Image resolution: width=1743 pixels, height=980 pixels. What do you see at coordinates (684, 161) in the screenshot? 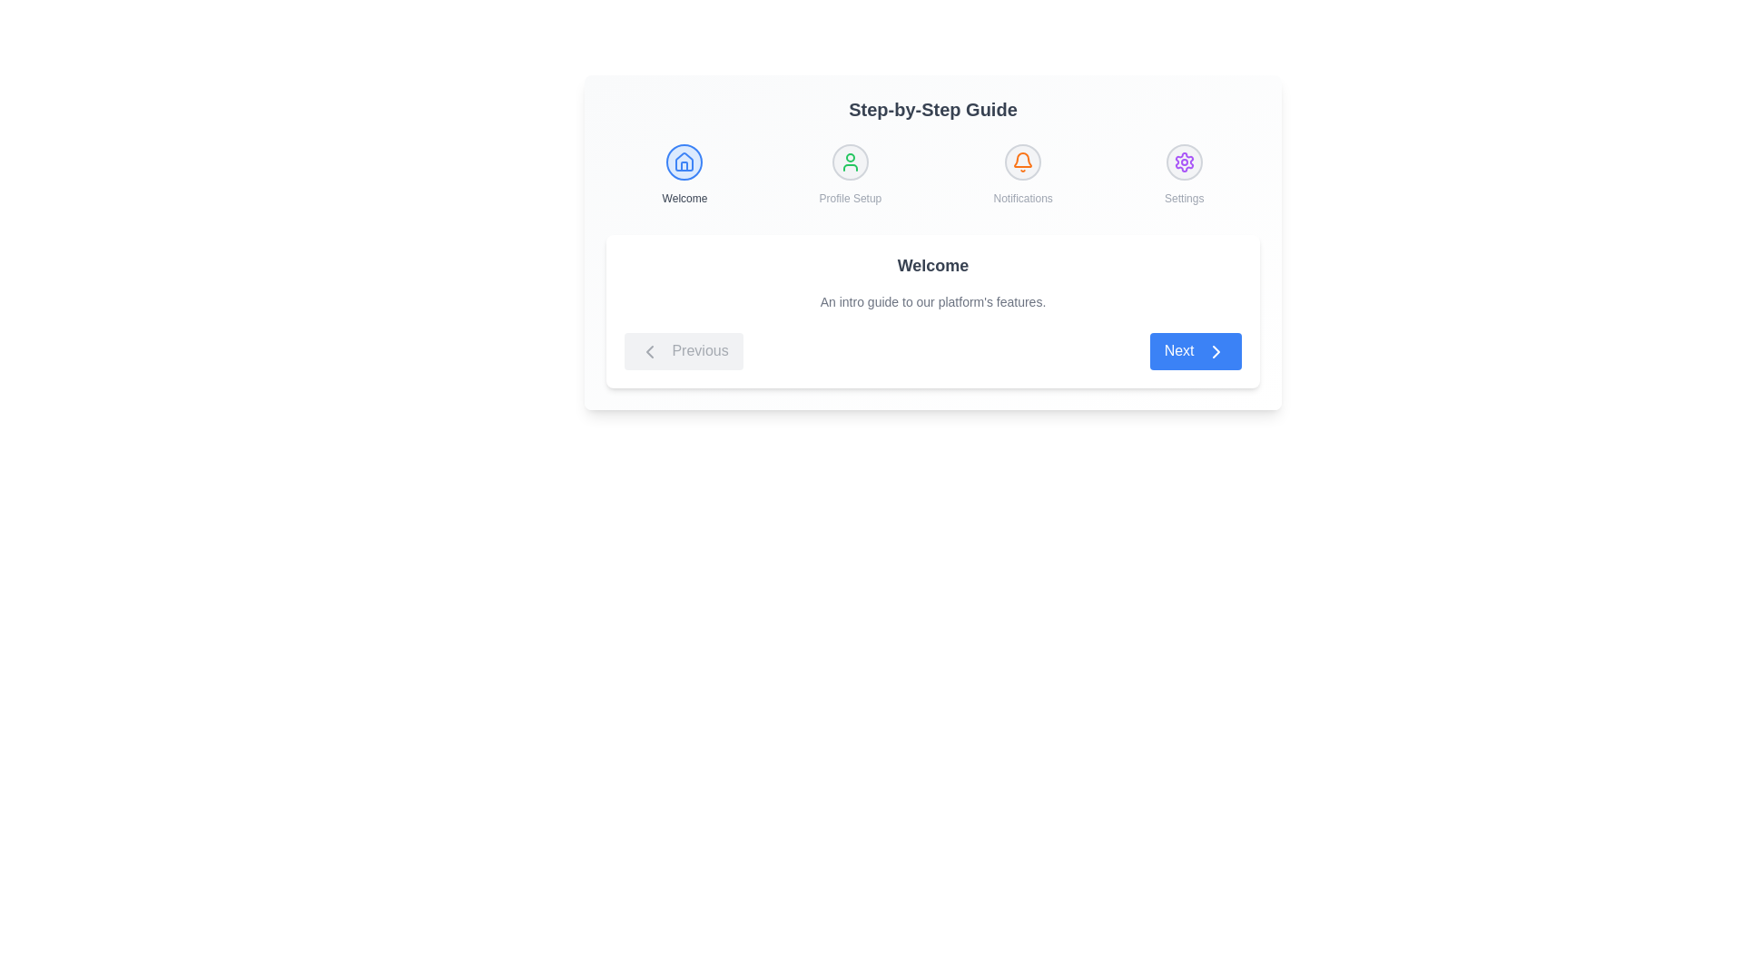
I see `the 'Home' icon located at the top left of the interface` at bounding box center [684, 161].